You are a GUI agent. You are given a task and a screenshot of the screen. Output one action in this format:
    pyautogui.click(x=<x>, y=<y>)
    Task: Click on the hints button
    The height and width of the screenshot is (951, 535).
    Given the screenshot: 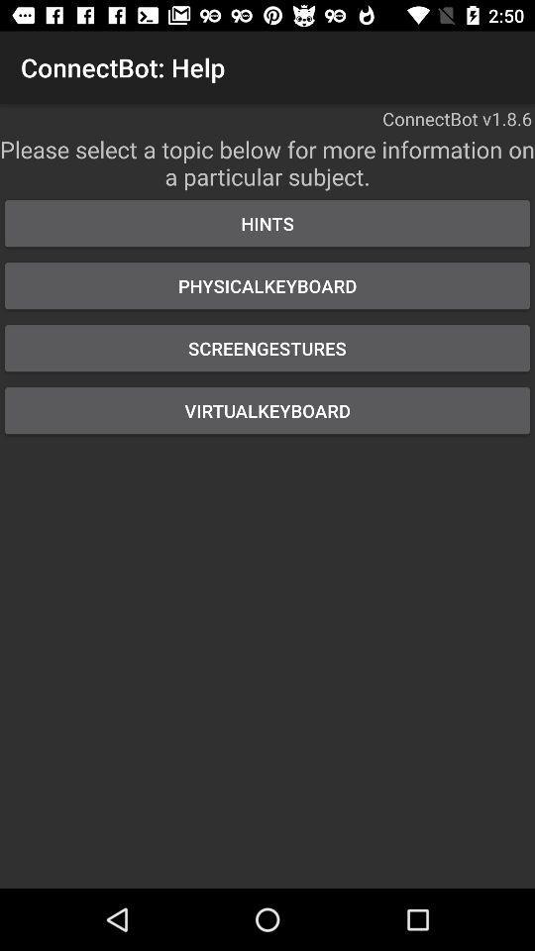 What is the action you would take?
    pyautogui.click(x=267, y=223)
    